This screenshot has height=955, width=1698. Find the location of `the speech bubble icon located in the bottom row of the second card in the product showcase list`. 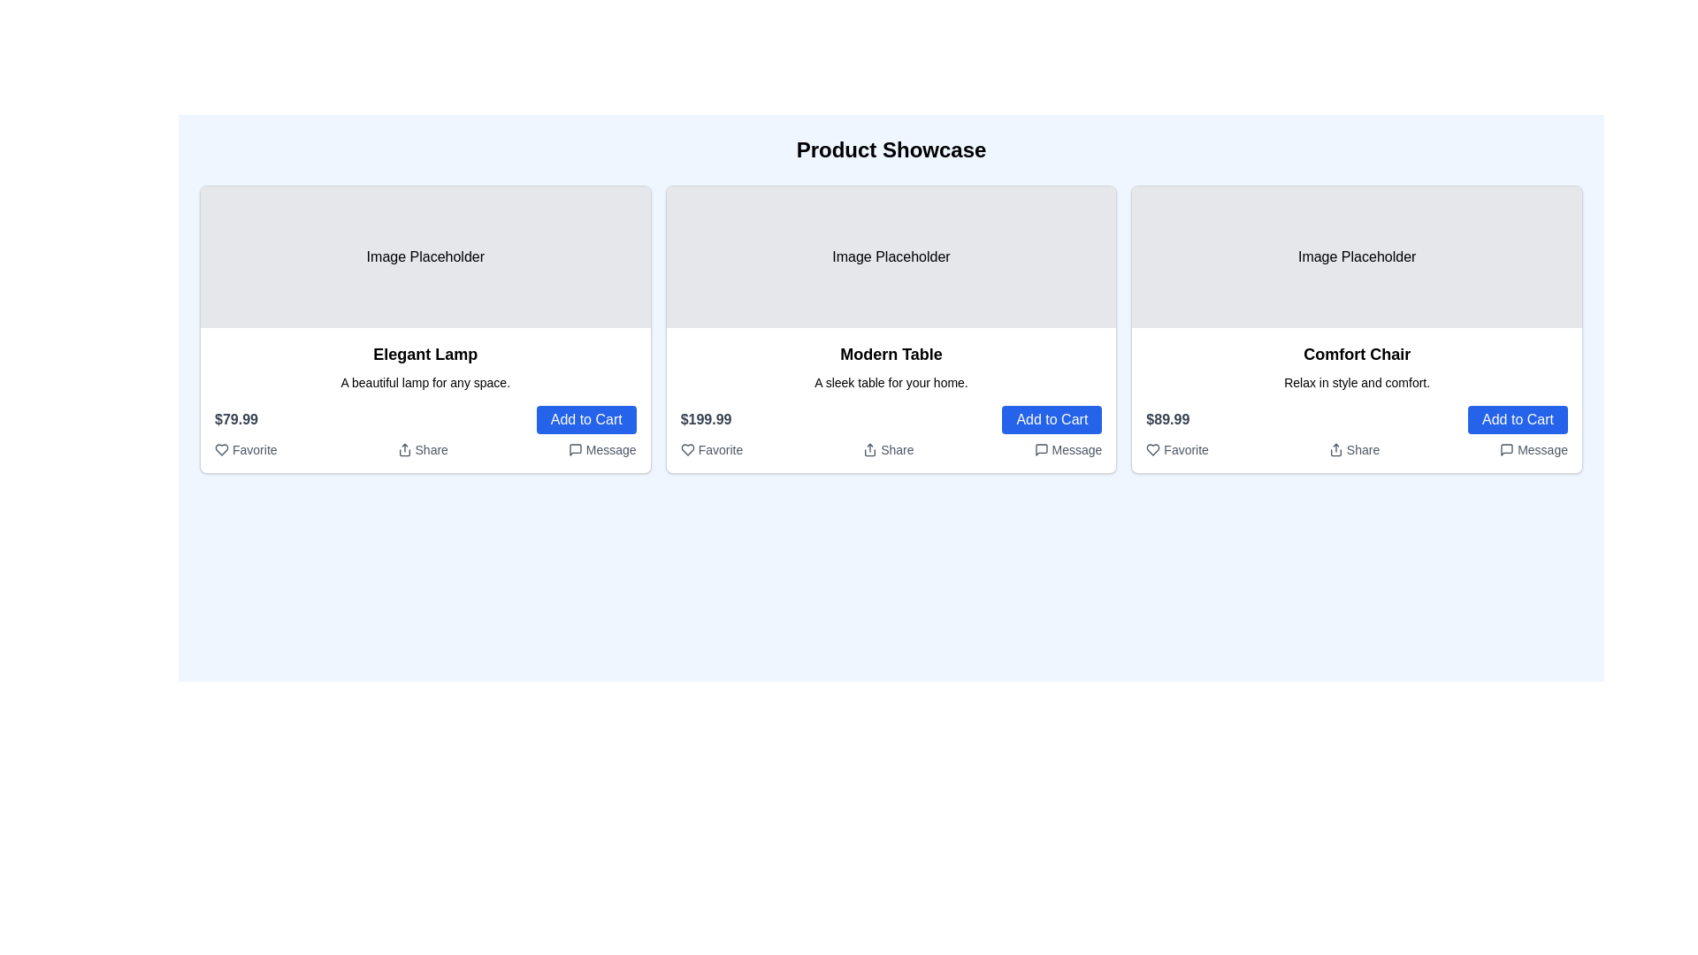

the speech bubble icon located in the bottom row of the second card in the product showcase list is located at coordinates (1041, 449).